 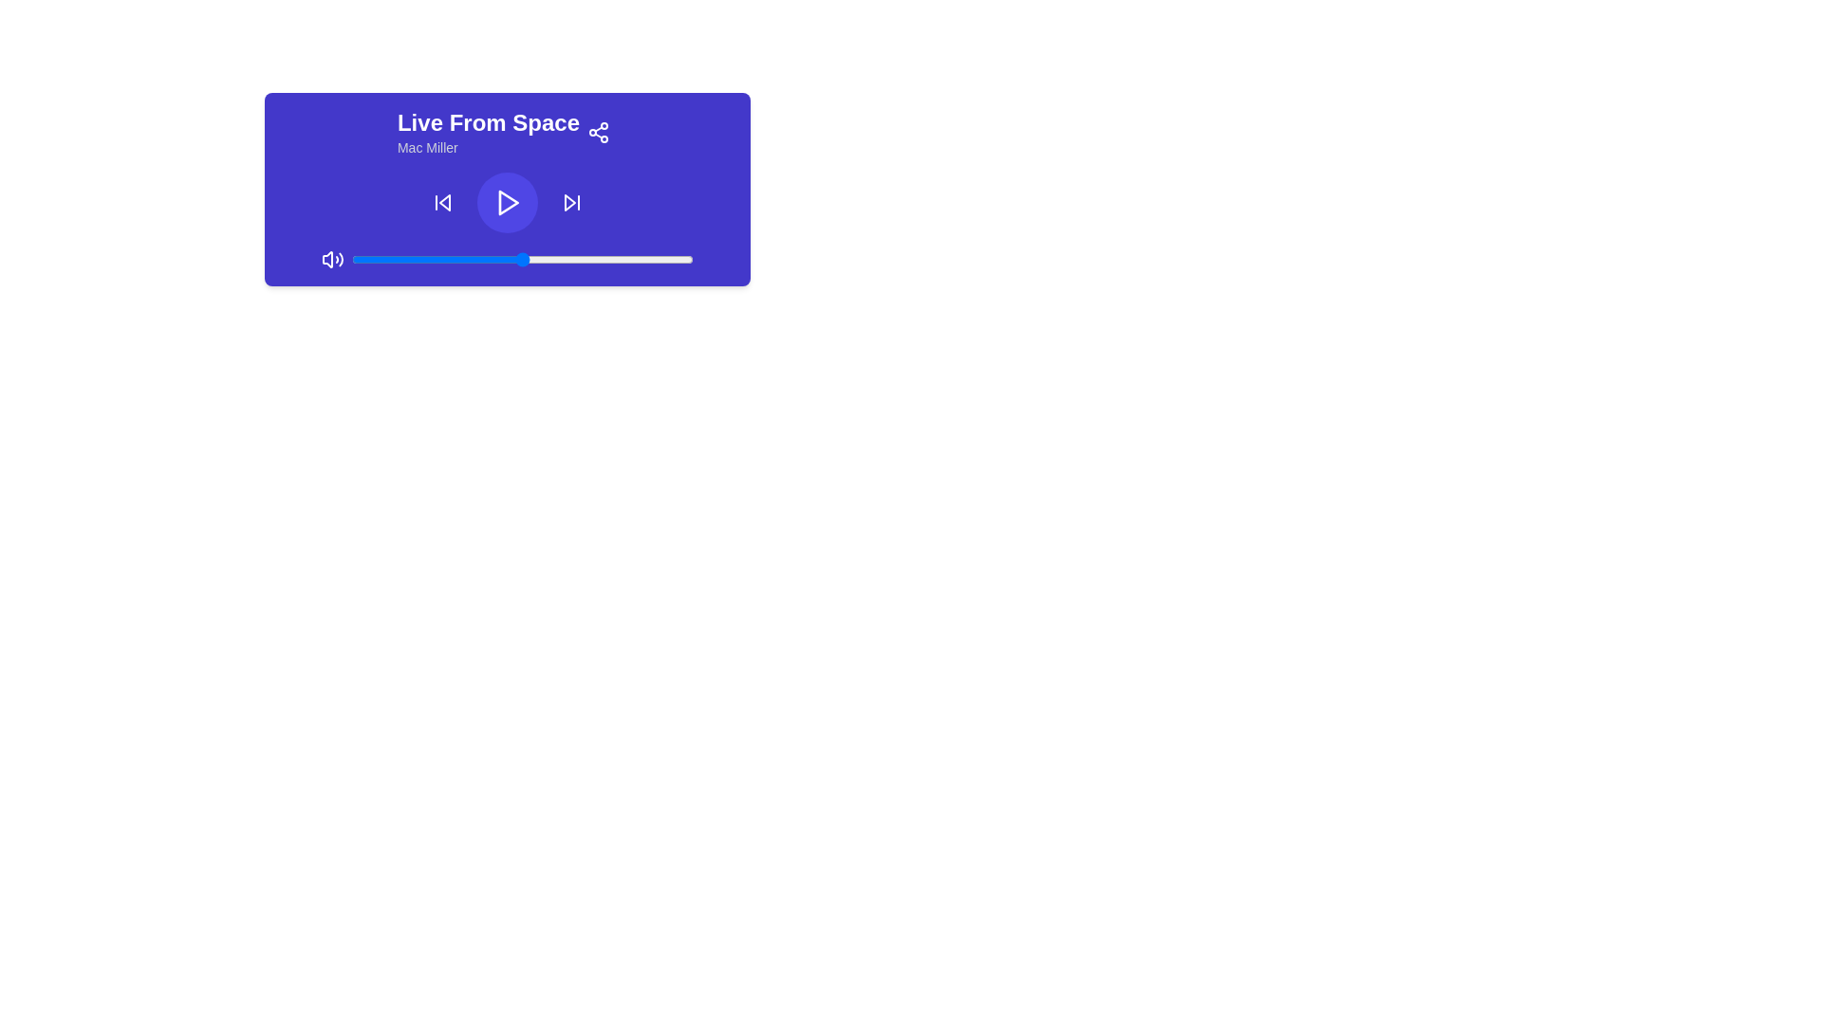 I want to click on the rightmost media control button with a deep purple background and a white forward-skipping symbol, so click(x=571, y=202).